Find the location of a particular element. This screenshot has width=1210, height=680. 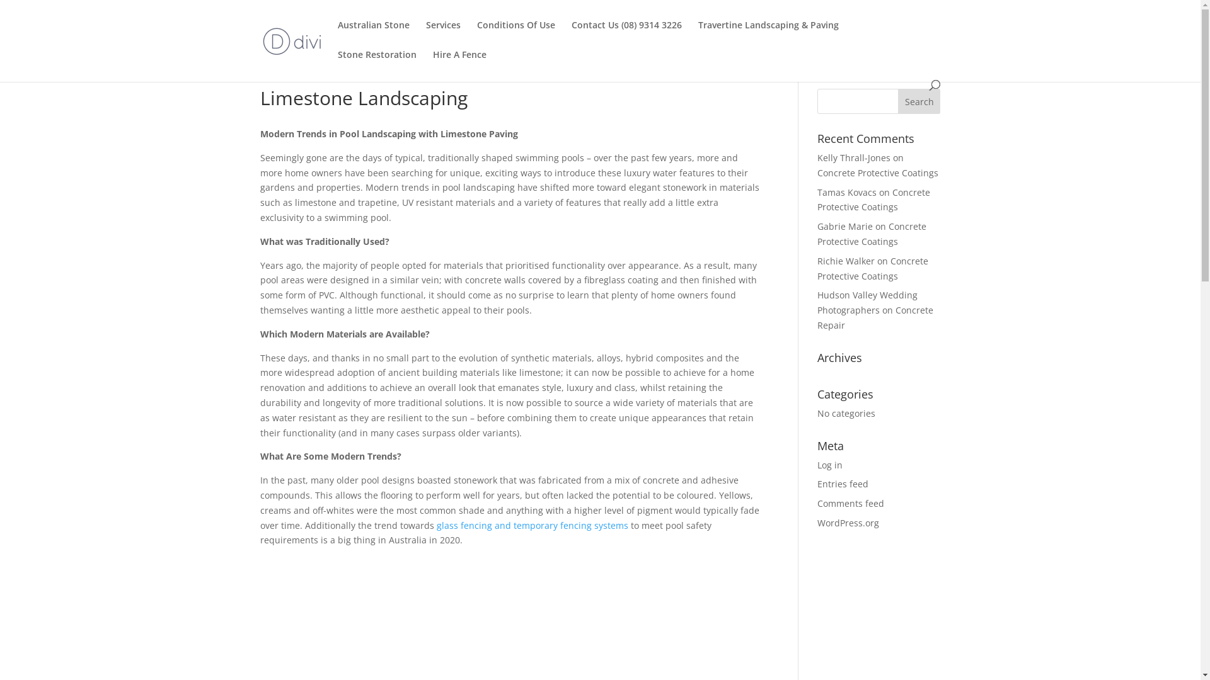

'Conditions Of Use' is located at coordinates (515, 35).